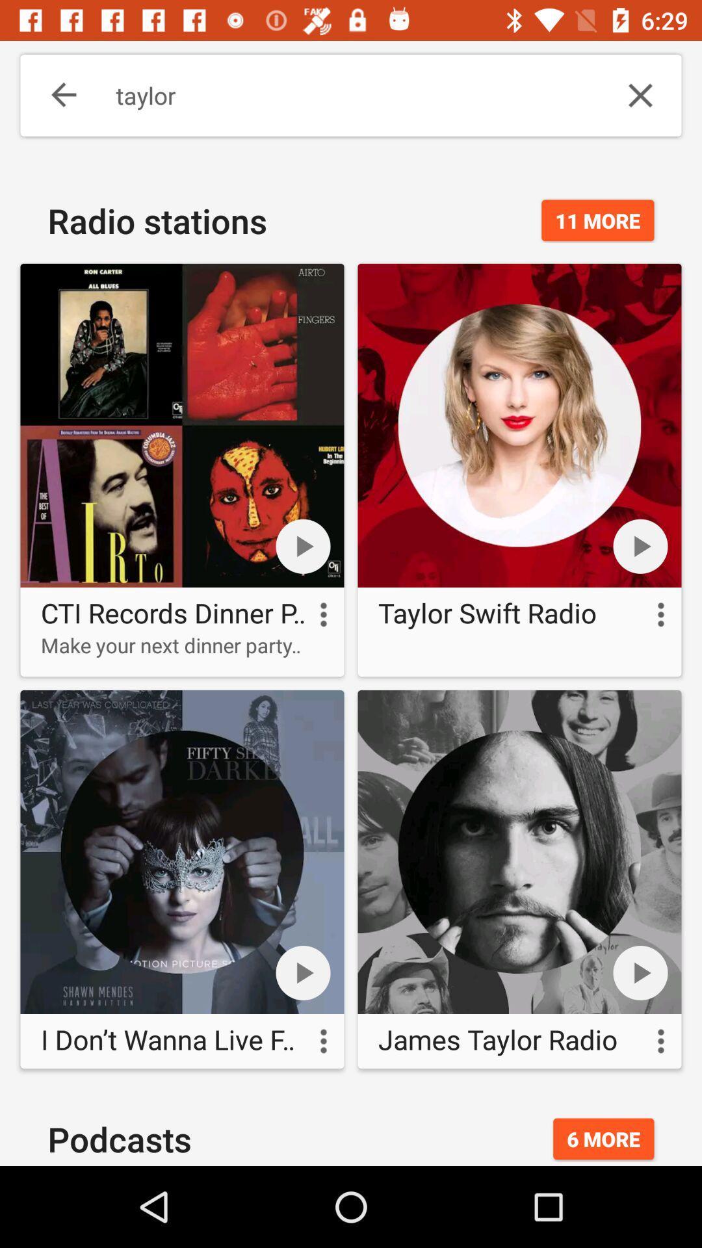 Image resolution: width=702 pixels, height=1248 pixels. Describe the element at coordinates (640, 95) in the screenshot. I see `the item to the right of taylor item` at that location.